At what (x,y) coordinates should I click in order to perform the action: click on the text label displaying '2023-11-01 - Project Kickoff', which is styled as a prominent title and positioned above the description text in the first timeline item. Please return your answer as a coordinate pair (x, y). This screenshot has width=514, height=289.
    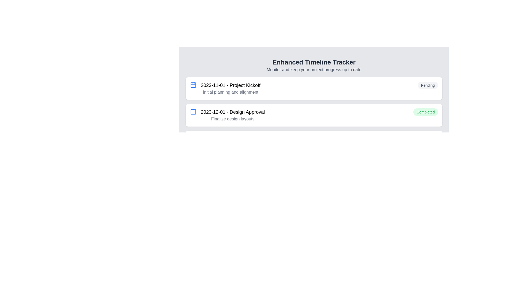
    Looking at the image, I should click on (230, 85).